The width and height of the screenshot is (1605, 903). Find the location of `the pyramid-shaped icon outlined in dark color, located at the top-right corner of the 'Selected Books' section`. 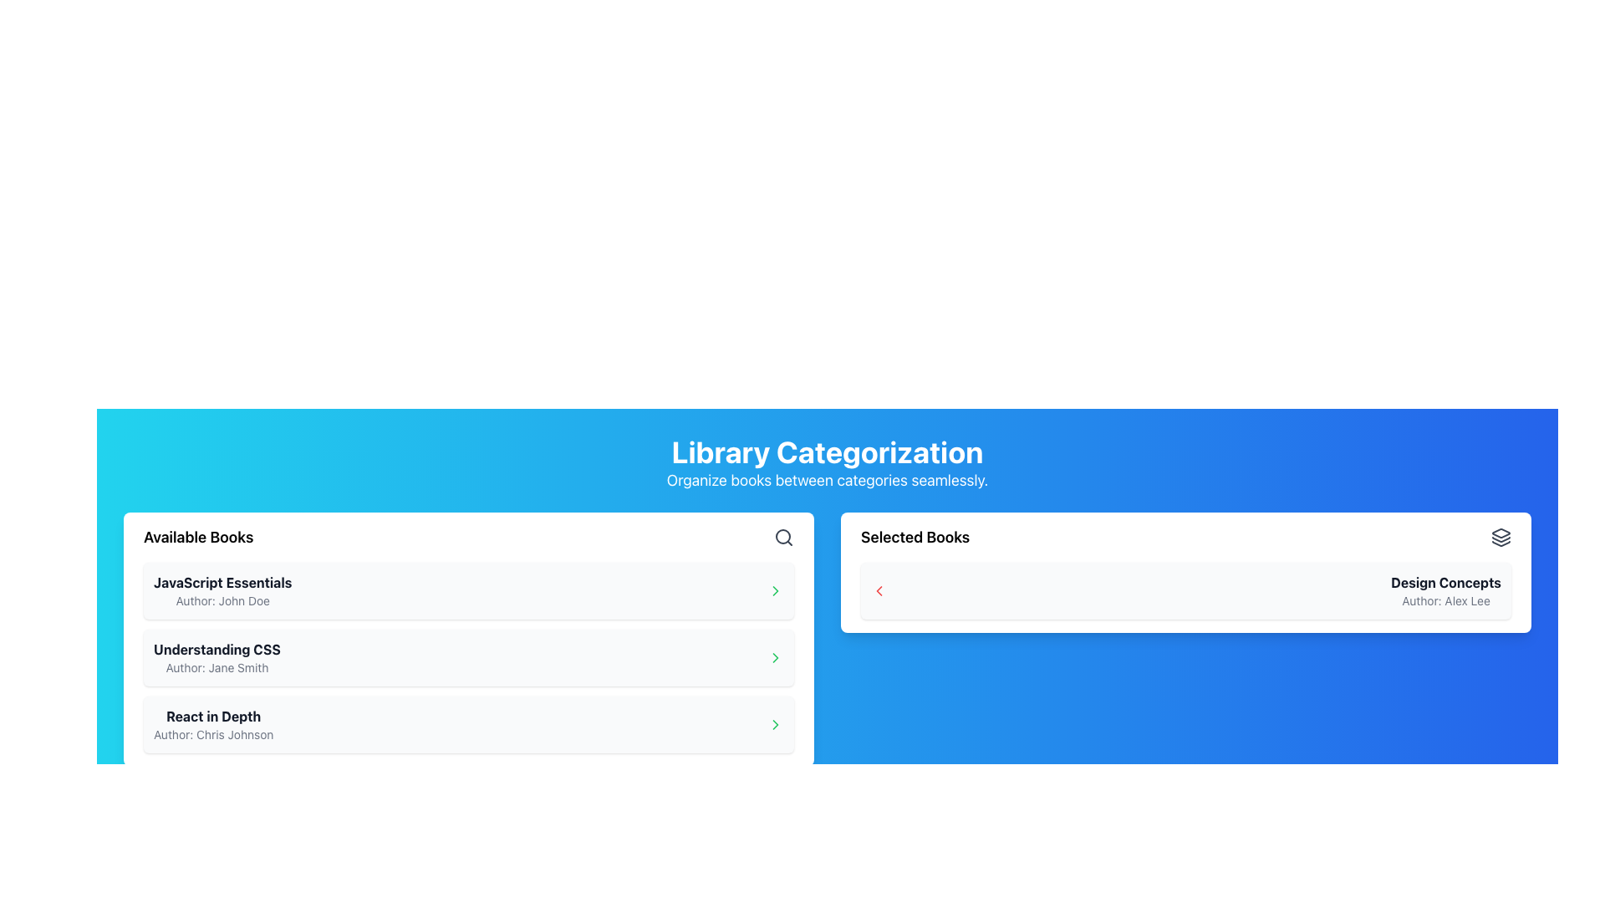

the pyramid-shaped icon outlined in dark color, located at the top-right corner of the 'Selected Books' section is located at coordinates (1501, 533).